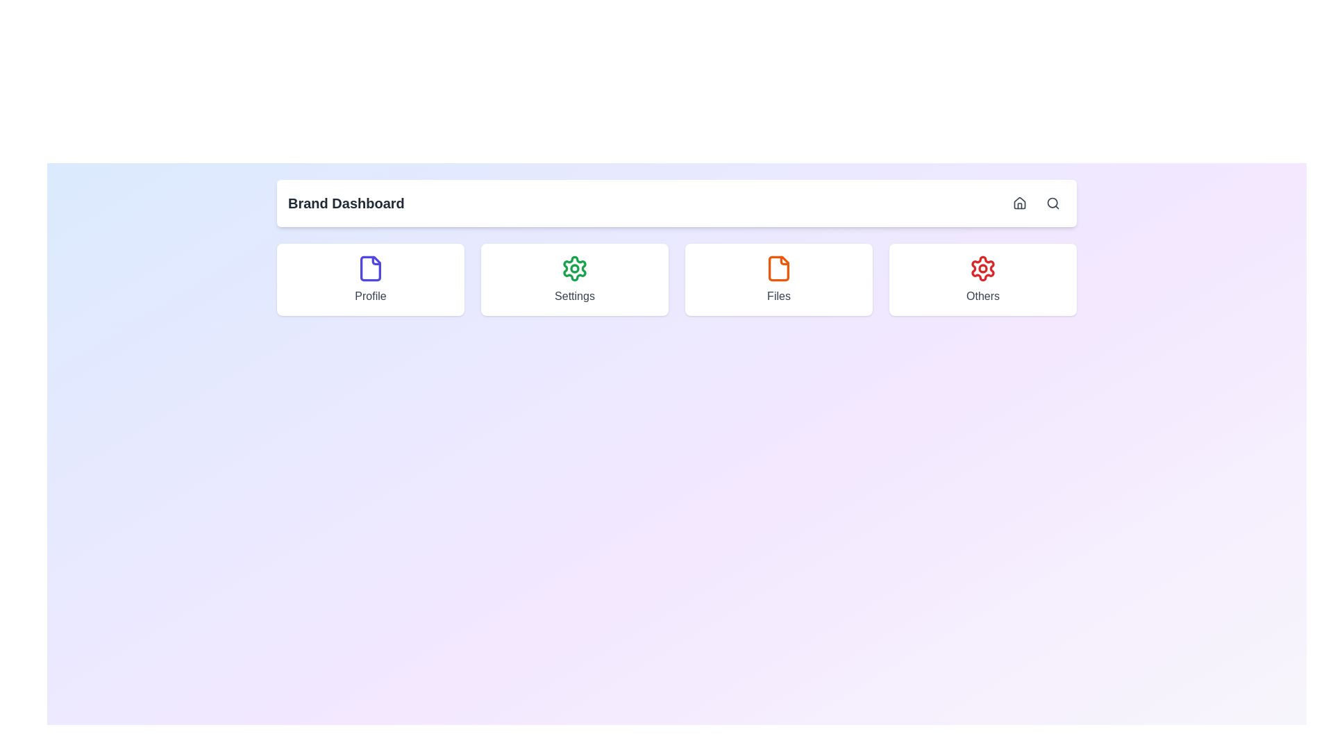  What do you see at coordinates (1053, 203) in the screenshot?
I see `the circular search button with a magnifying glass icon located at the top right of the interface to change its background color` at bounding box center [1053, 203].